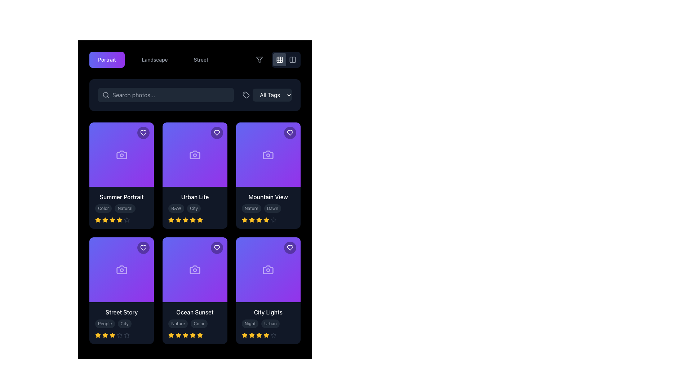  Describe the element at coordinates (292, 59) in the screenshot. I see `the left rectangle inside the grid icon located in the top right corner of the interface` at that location.